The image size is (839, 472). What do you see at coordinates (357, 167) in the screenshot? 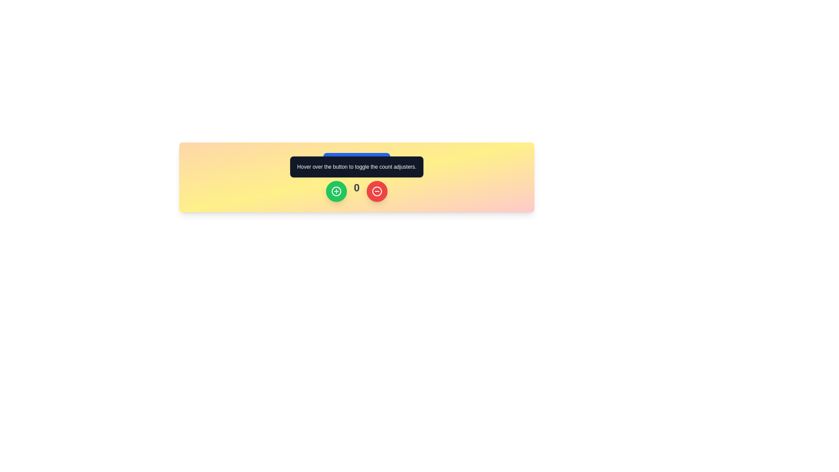
I see `the tooltip box that provides guidance on using the blue button labeled 'Tooltip Trigger'` at bounding box center [357, 167].